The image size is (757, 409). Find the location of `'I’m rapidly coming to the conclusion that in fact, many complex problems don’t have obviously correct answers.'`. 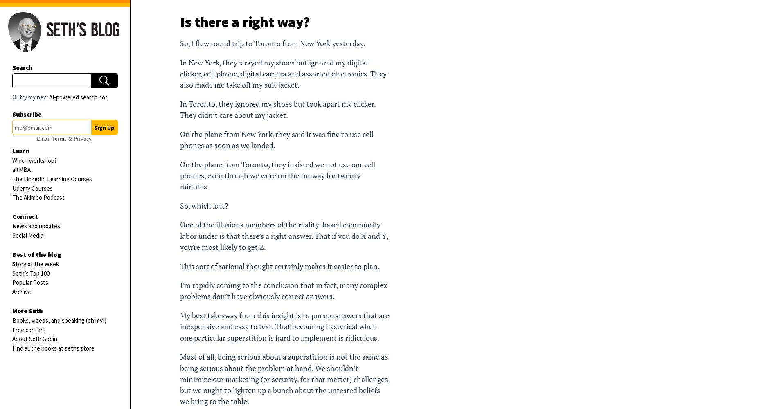

'I’m rapidly coming to the conclusion that in fact, many complex problems don’t have obviously correct answers.' is located at coordinates (284, 290).